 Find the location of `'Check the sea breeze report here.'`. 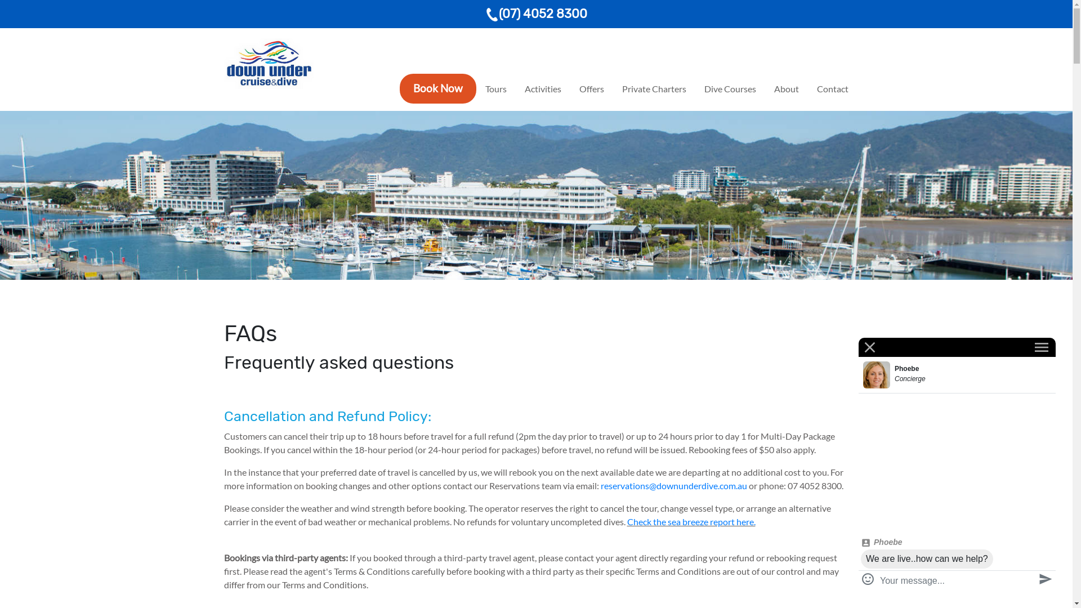

'Check the sea breeze report here.' is located at coordinates (626, 521).